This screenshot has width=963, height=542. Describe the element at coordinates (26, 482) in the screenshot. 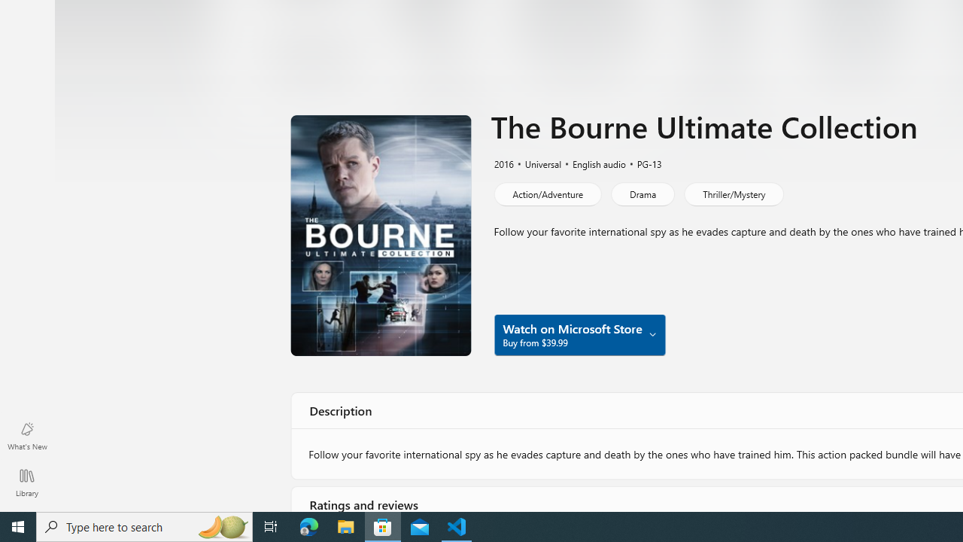

I see `'Library'` at that location.